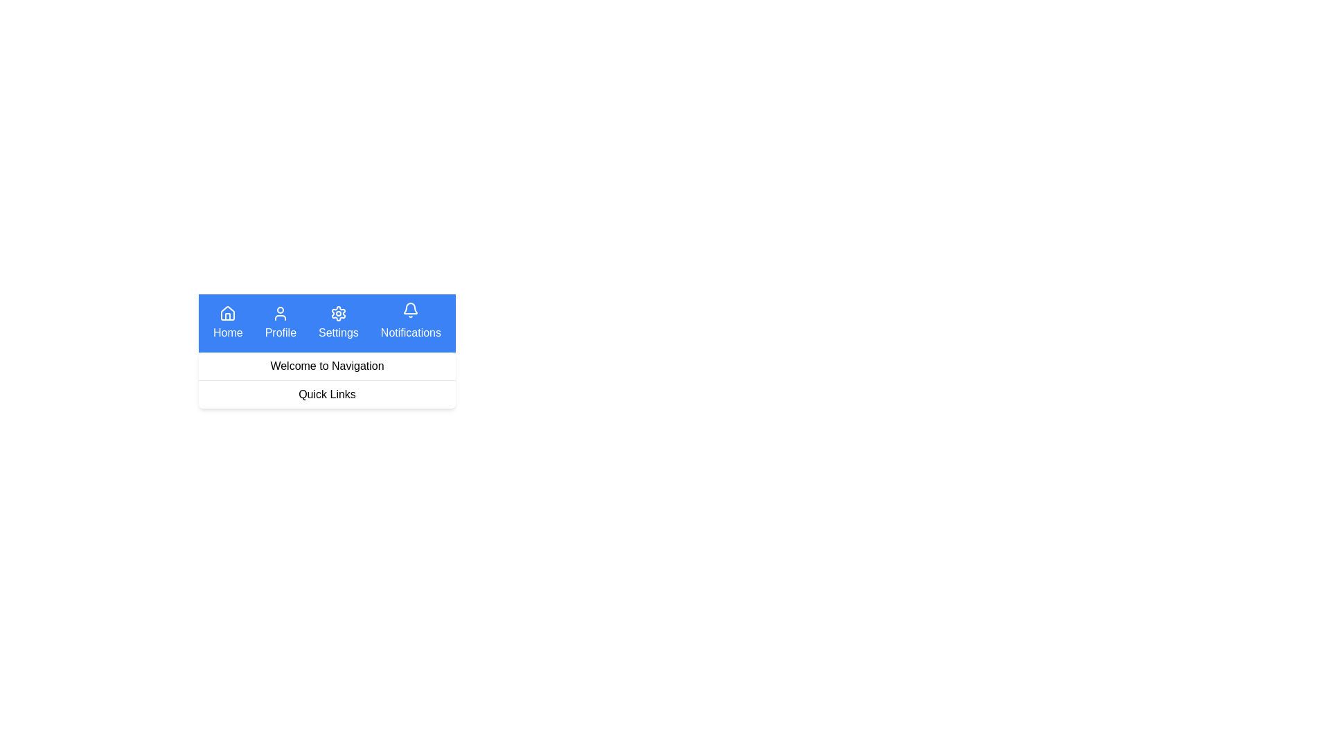 The image size is (1330, 748). What do you see at coordinates (228, 323) in the screenshot?
I see `the Home navigation button` at bounding box center [228, 323].